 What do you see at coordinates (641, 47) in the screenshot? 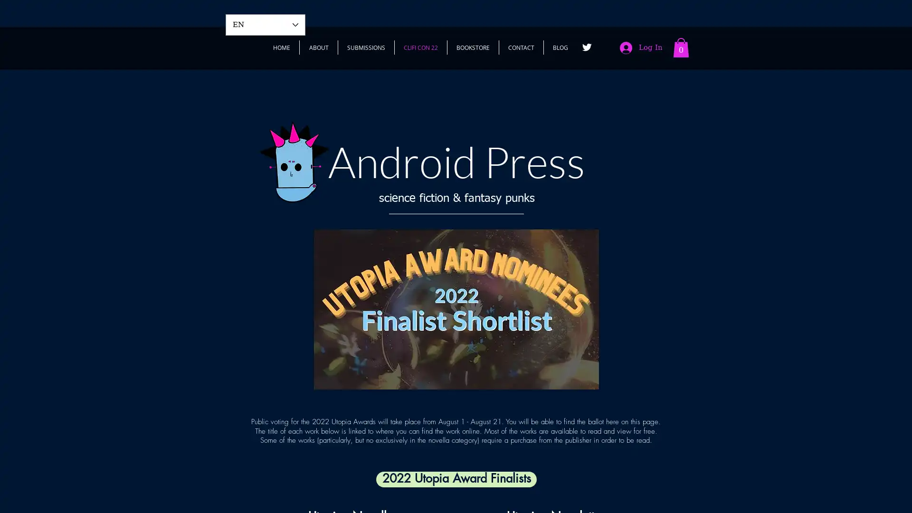
I see `Log In` at bounding box center [641, 47].